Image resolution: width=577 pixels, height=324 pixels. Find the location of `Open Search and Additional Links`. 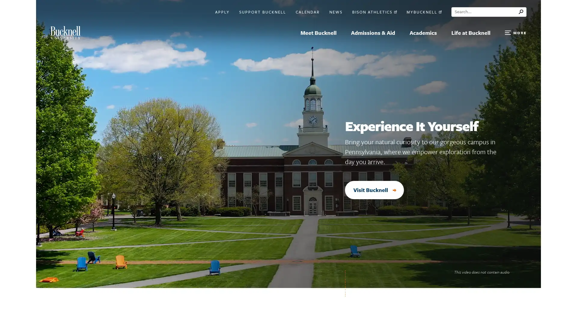

Open Search and Additional Links is located at coordinates (515, 33).